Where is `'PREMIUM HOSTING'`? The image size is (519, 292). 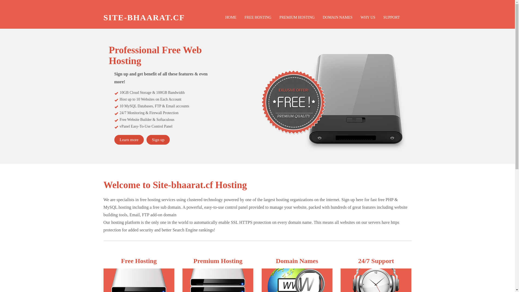
'PREMIUM HOSTING' is located at coordinates (297, 17).